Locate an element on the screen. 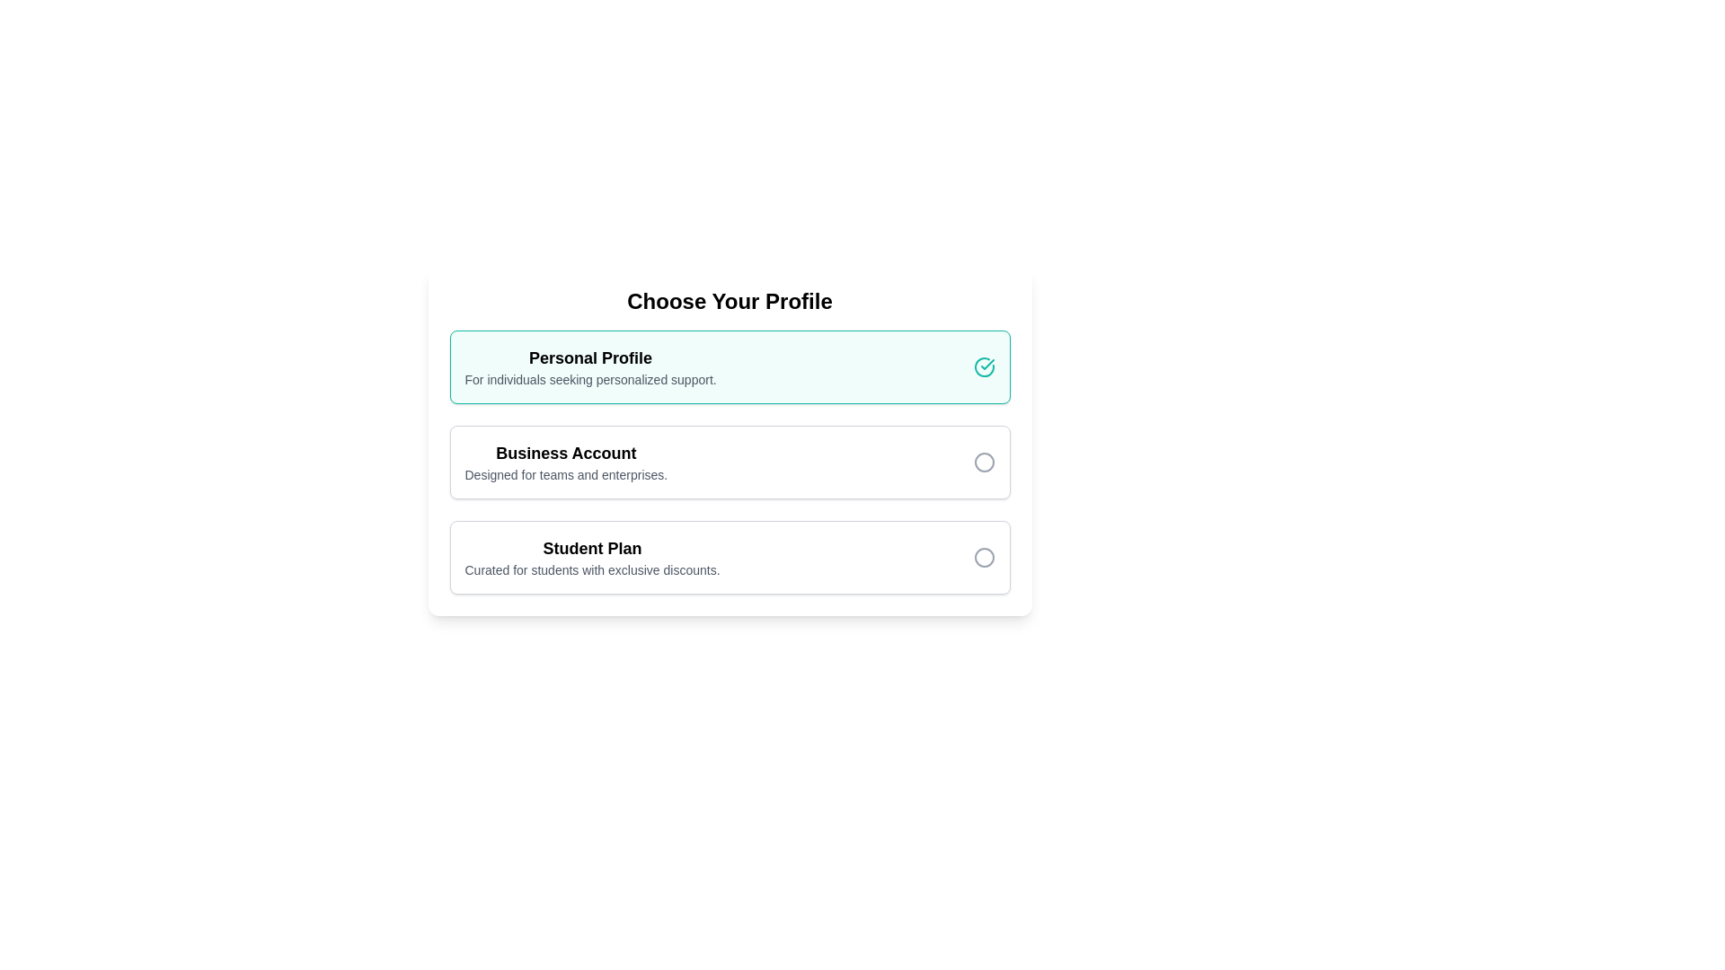  text element that identifies the 'Personal Profile' option, located at the center-top section of the list box under 'Choose Your Profile.' is located at coordinates (590, 366).